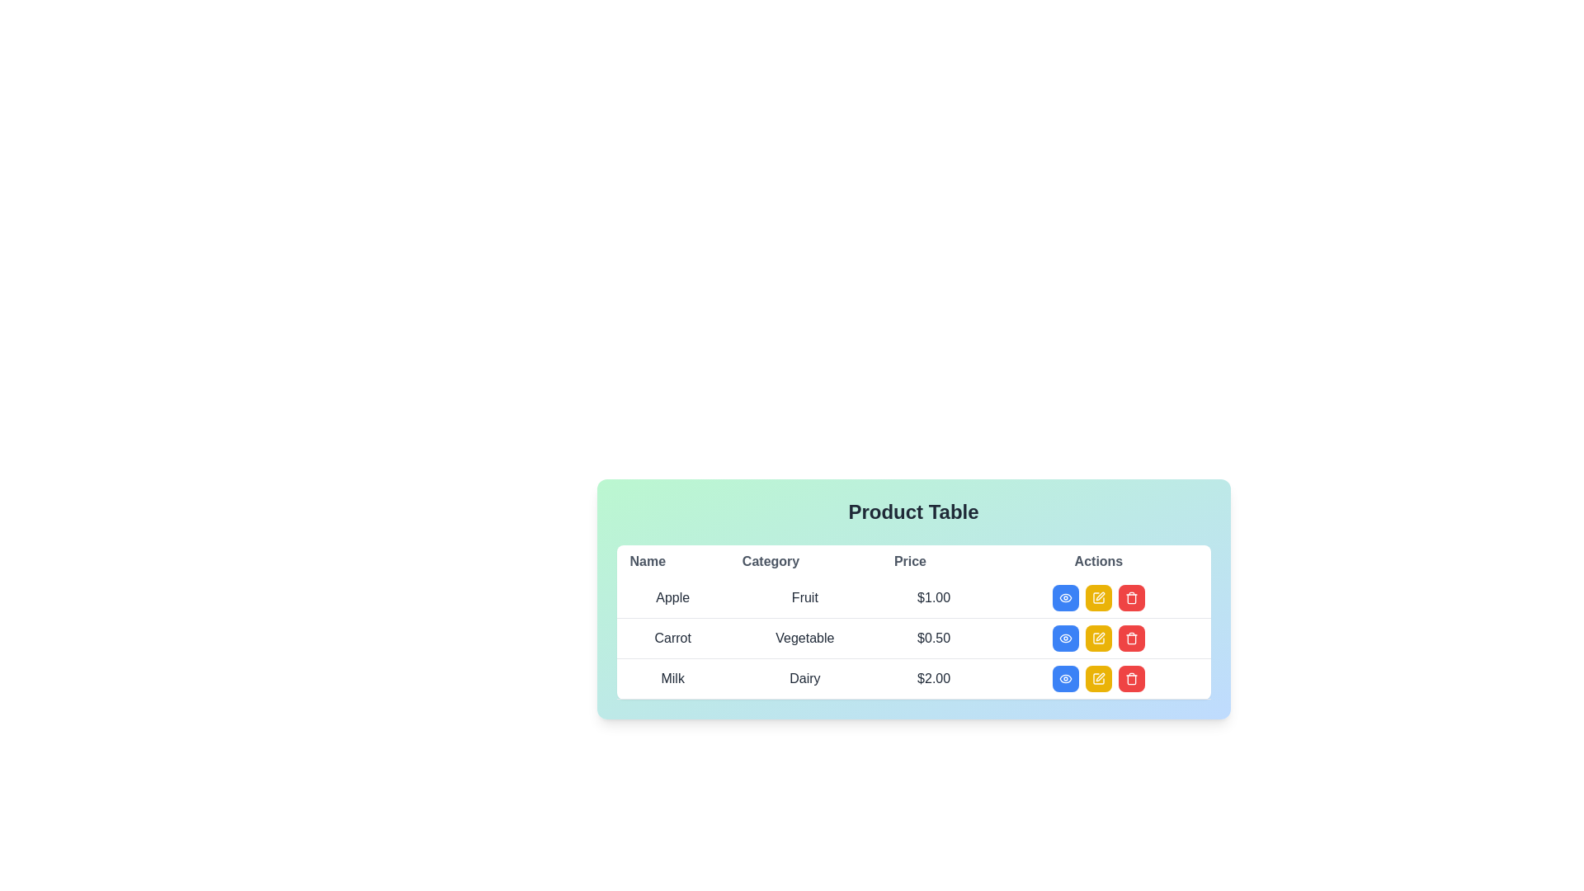 This screenshot has height=891, width=1584. What do you see at coordinates (934, 598) in the screenshot?
I see `the static text label displaying the price '$1.00' in the 'Price' column of the product table` at bounding box center [934, 598].